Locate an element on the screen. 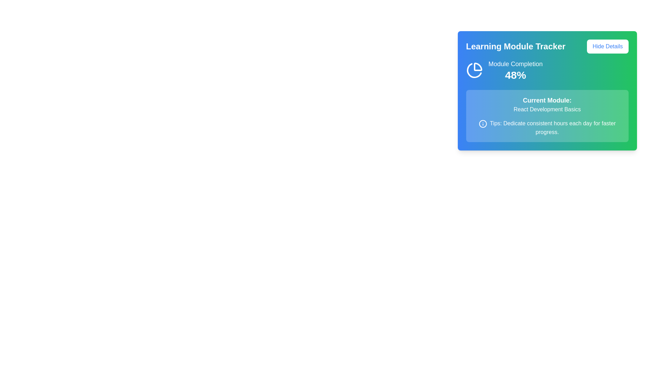 Image resolution: width=672 pixels, height=378 pixels. the informational label that serves as a title for the progress indicator in the Learning Module Tracker card, located at the top-left section, adjacent to a graphical icon and above the progress percentage text ('48%') is located at coordinates (516, 64).